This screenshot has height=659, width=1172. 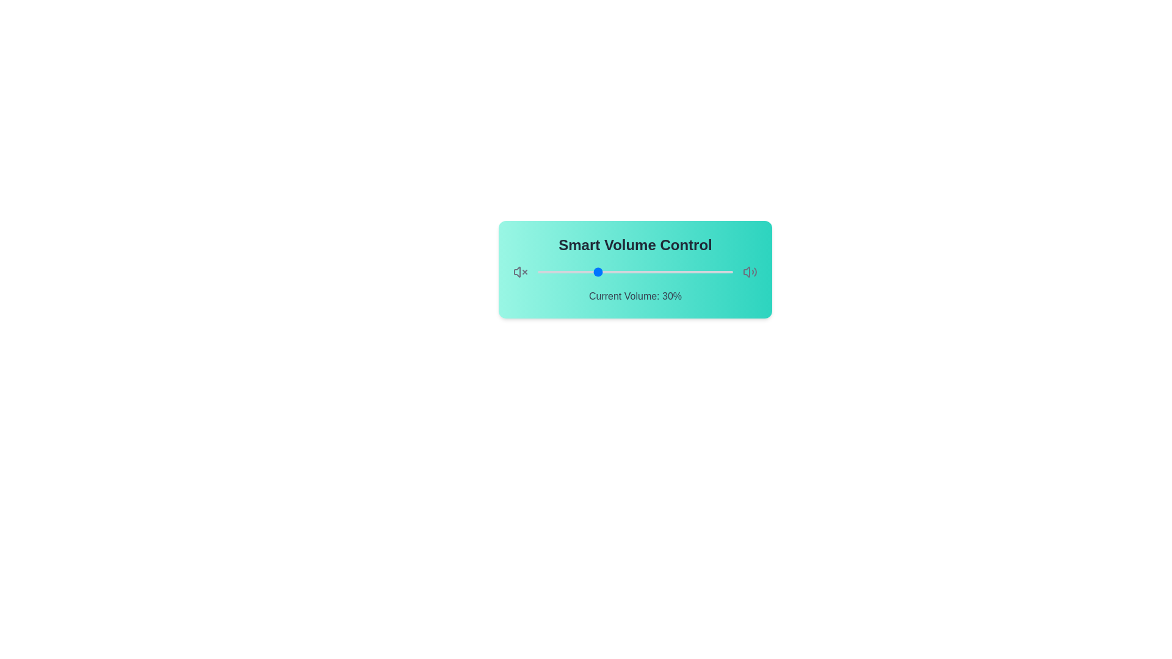 I want to click on the speaker icon to indicate volume interaction, so click(x=521, y=272).